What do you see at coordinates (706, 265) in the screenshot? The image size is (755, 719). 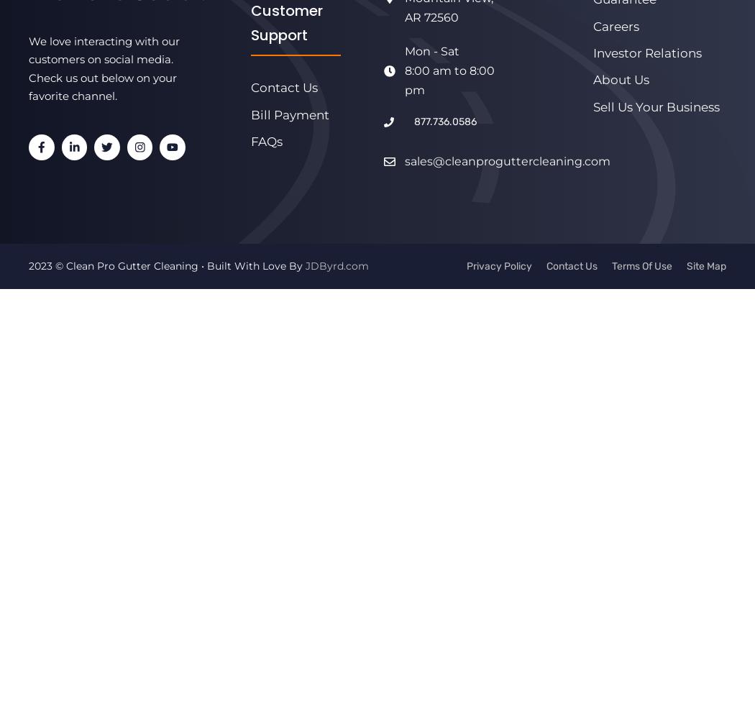 I see `'Site Map'` at bounding box center [706, 265].